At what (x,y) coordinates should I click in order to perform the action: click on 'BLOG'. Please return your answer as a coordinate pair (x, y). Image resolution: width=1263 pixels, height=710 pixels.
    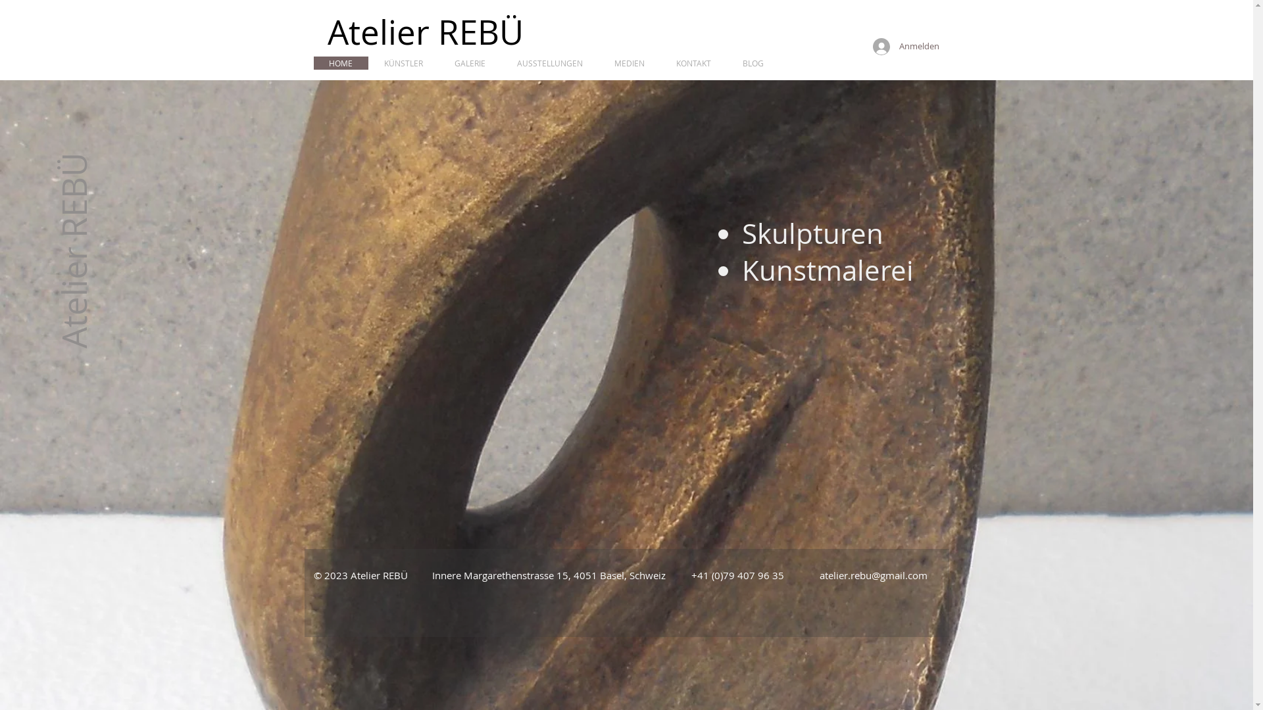
    Looking at the image, I should click on (666, 64).